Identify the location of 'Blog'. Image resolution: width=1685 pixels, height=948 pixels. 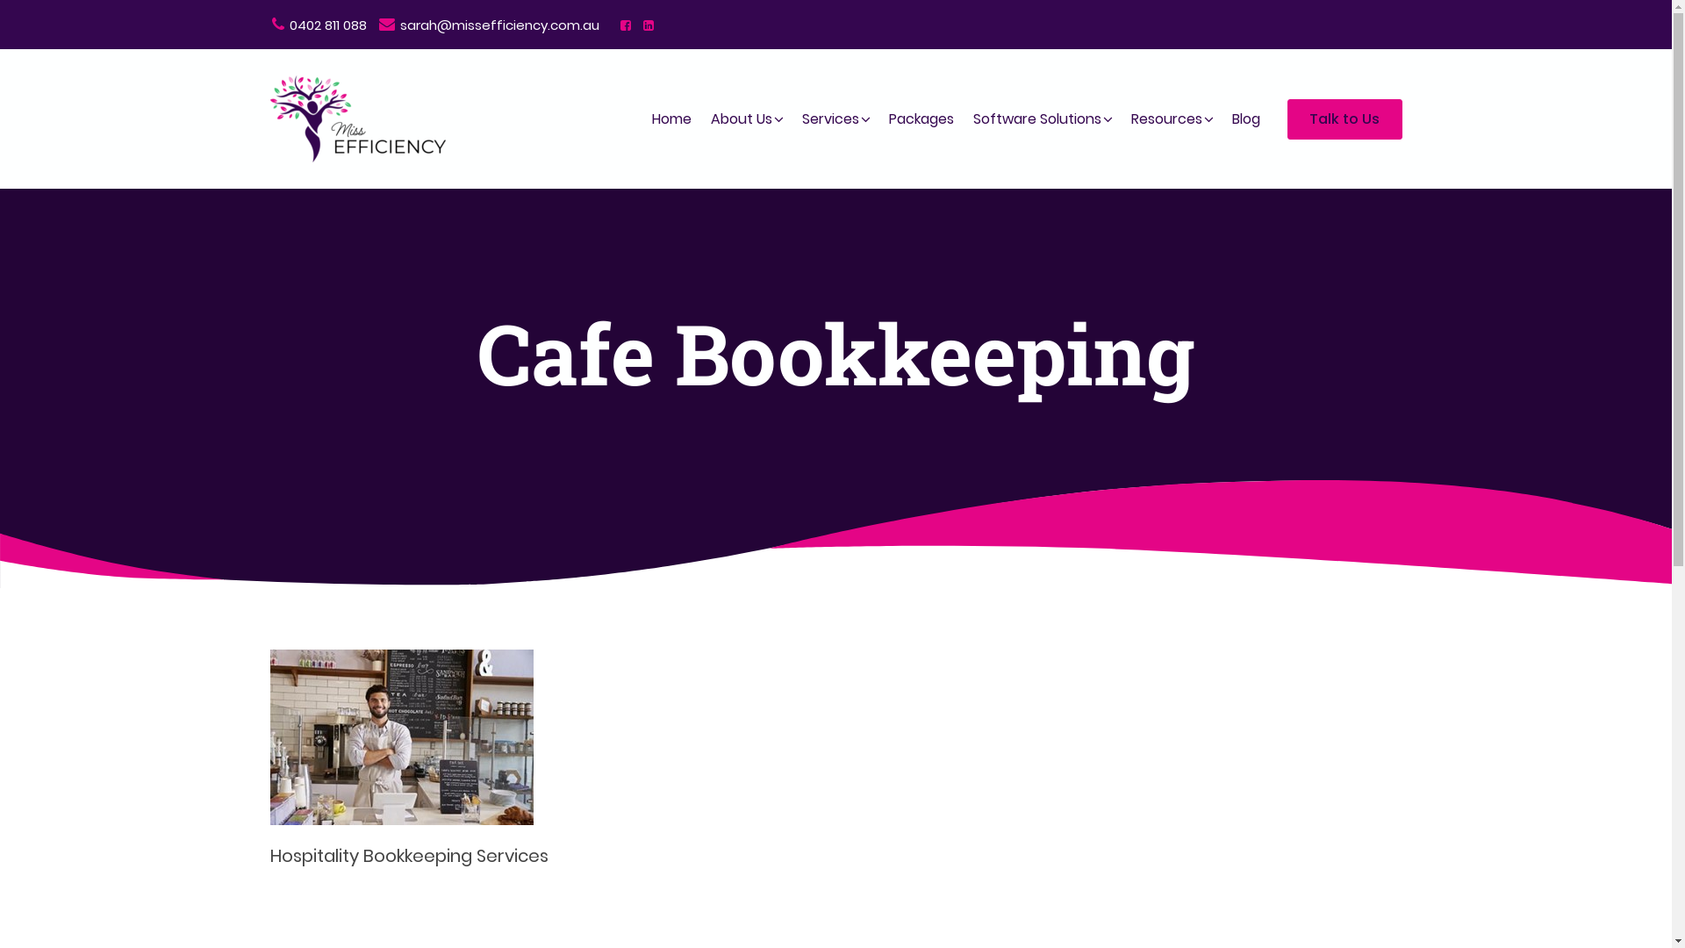
(1244, 118).